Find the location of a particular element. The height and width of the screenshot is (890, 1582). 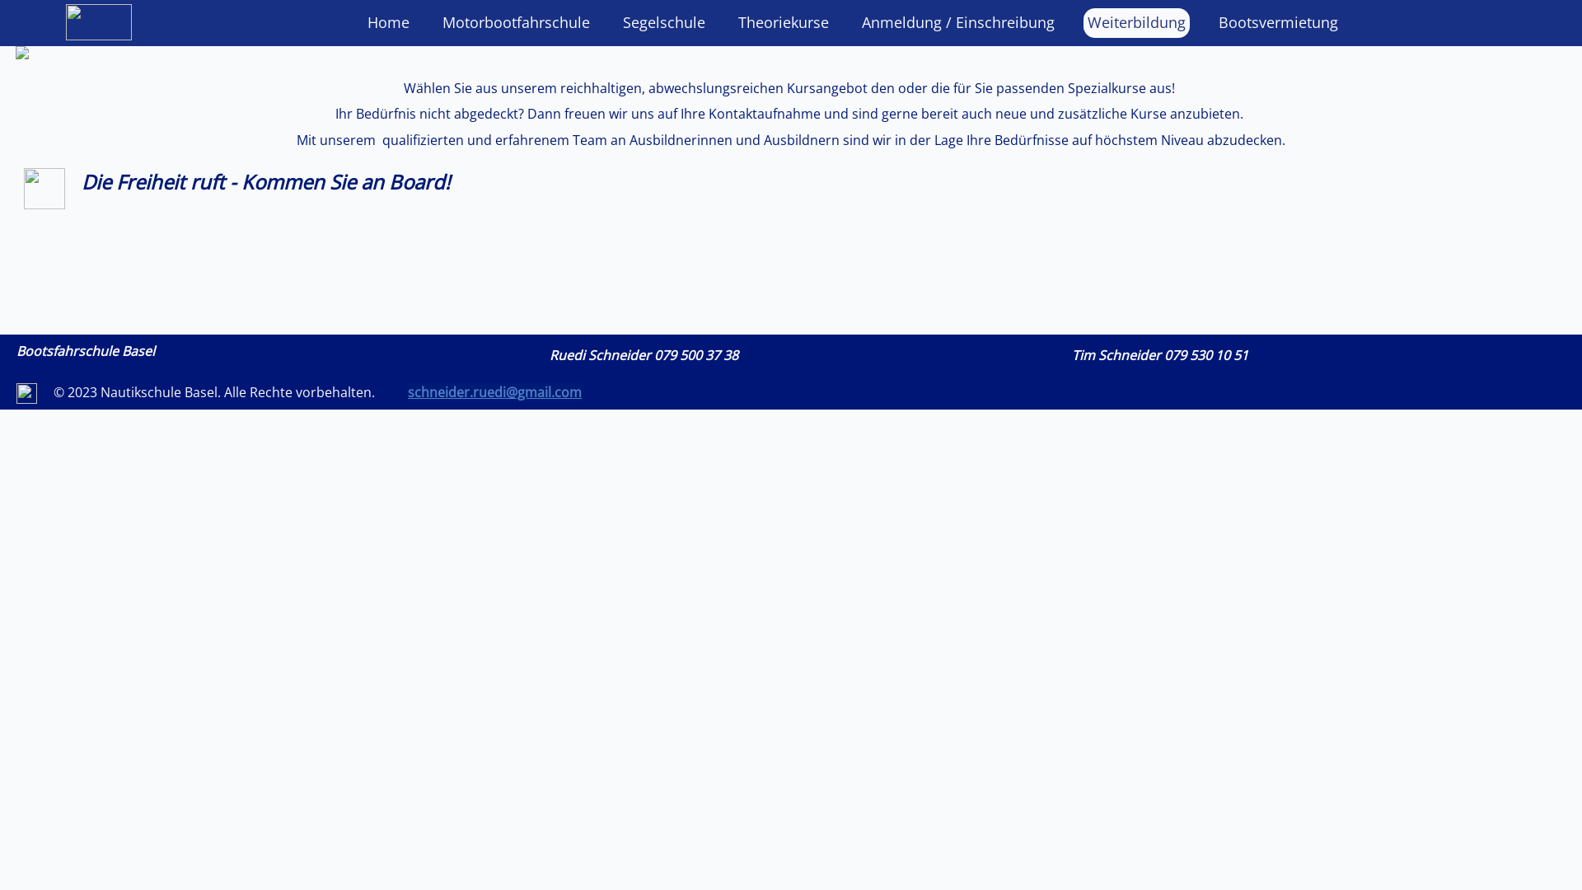

'Theoriekurse' is located at coordinates (782, 22).